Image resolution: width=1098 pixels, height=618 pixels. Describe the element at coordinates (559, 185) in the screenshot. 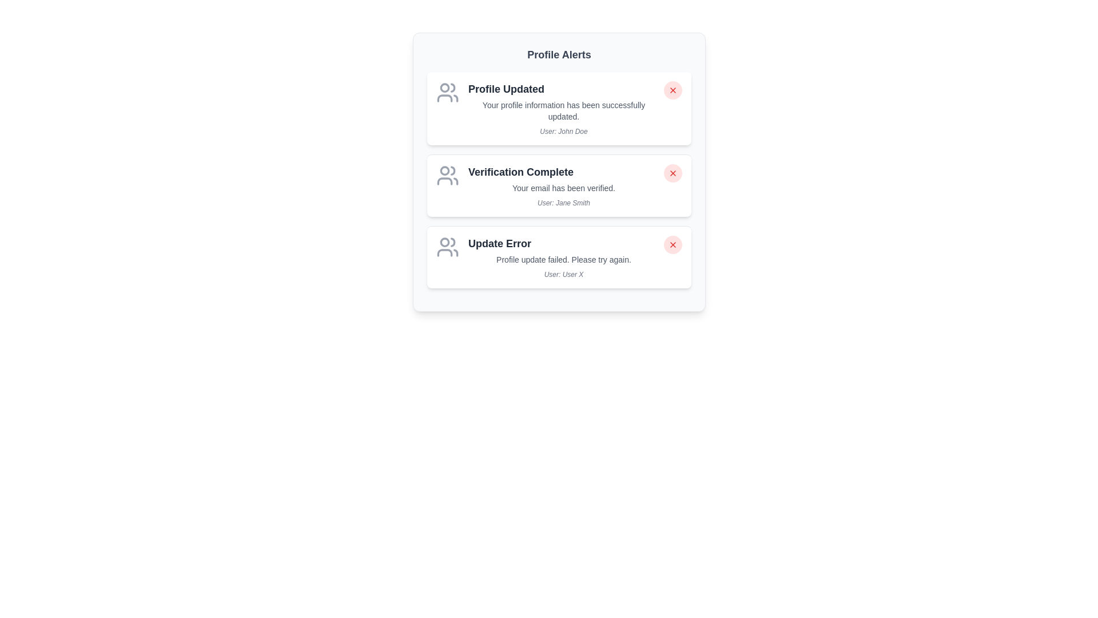

I see `the alert item corresponding to Verification Complete to read its details` at that location.